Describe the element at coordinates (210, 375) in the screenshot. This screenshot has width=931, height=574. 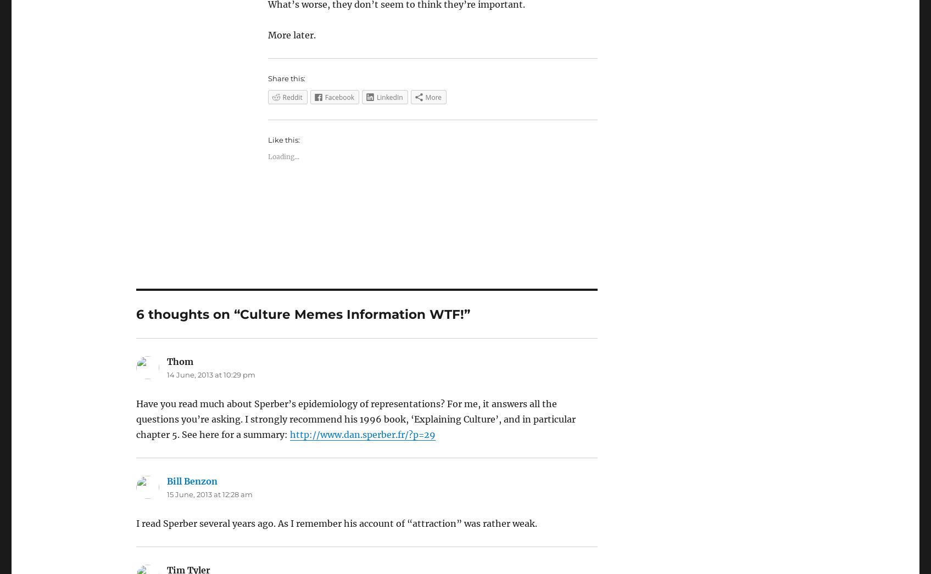
I see `'14 June, 2013 at 10:29 pm'` at that location.